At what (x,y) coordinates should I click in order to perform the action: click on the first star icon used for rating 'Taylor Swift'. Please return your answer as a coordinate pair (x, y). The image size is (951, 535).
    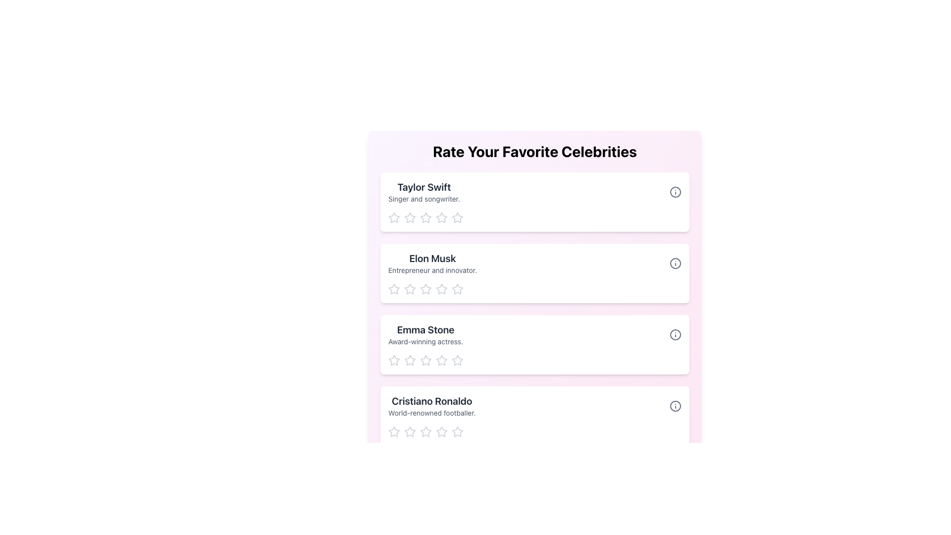
    Looking at the image, I should click on (394, 217).